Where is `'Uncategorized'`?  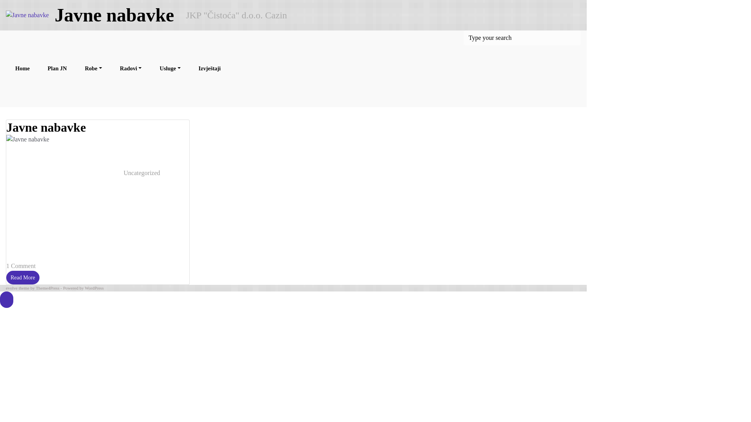 'Uncategorized' is located at coordinates (142, 172).